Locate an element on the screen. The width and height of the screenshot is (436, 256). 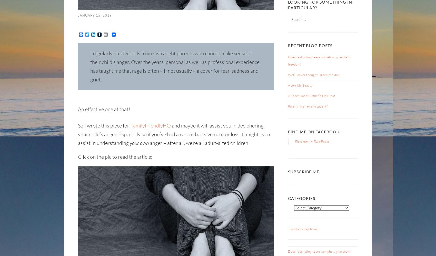
'A terrible Beauty' is located at coordinates (288, 85).